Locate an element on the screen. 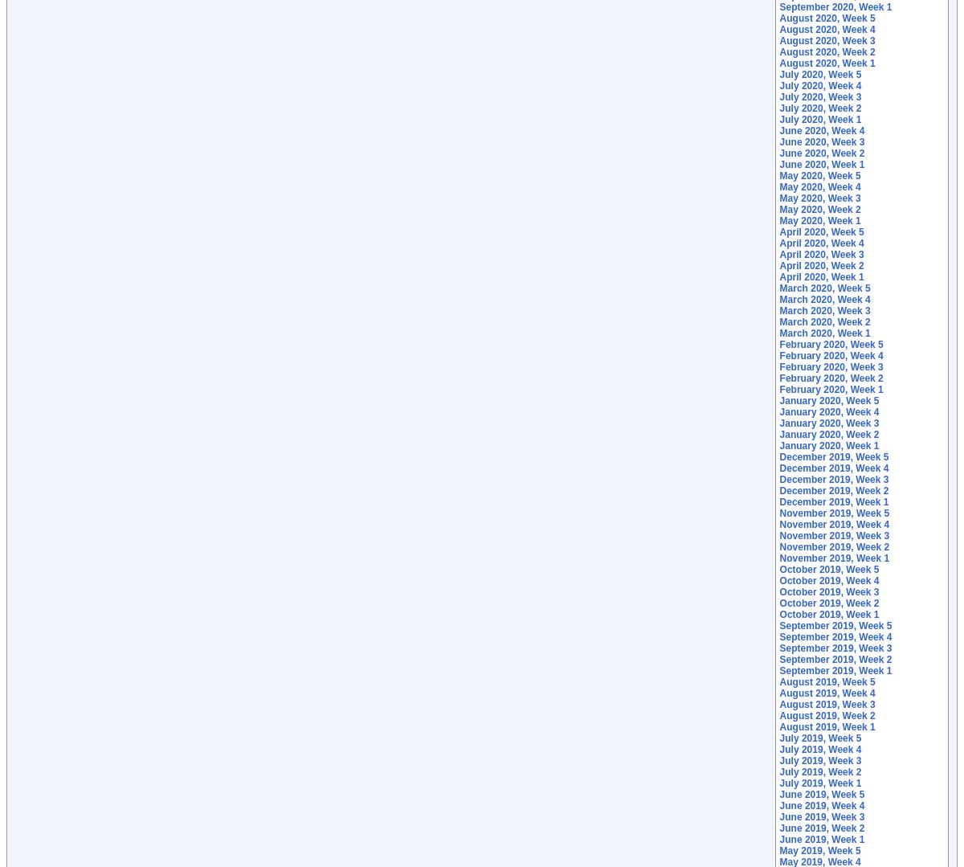 The height and width of the screenshot is (867, 964). 'May 2020, Week 2' is located at coordinates (778, 210).